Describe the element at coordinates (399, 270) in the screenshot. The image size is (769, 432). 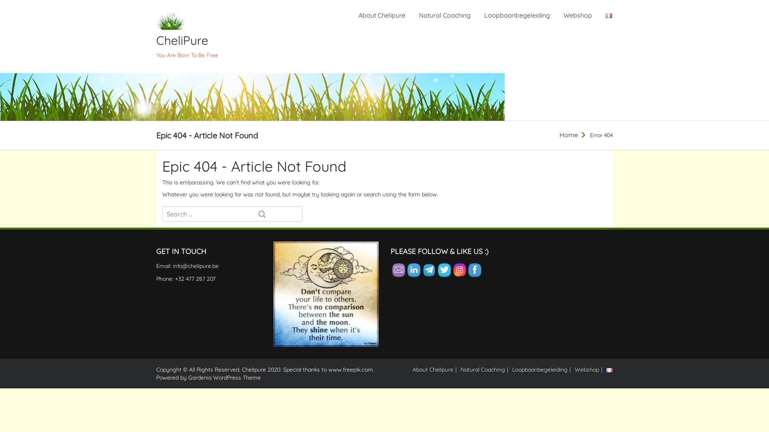
I see `'Follow by Email'` at that location.